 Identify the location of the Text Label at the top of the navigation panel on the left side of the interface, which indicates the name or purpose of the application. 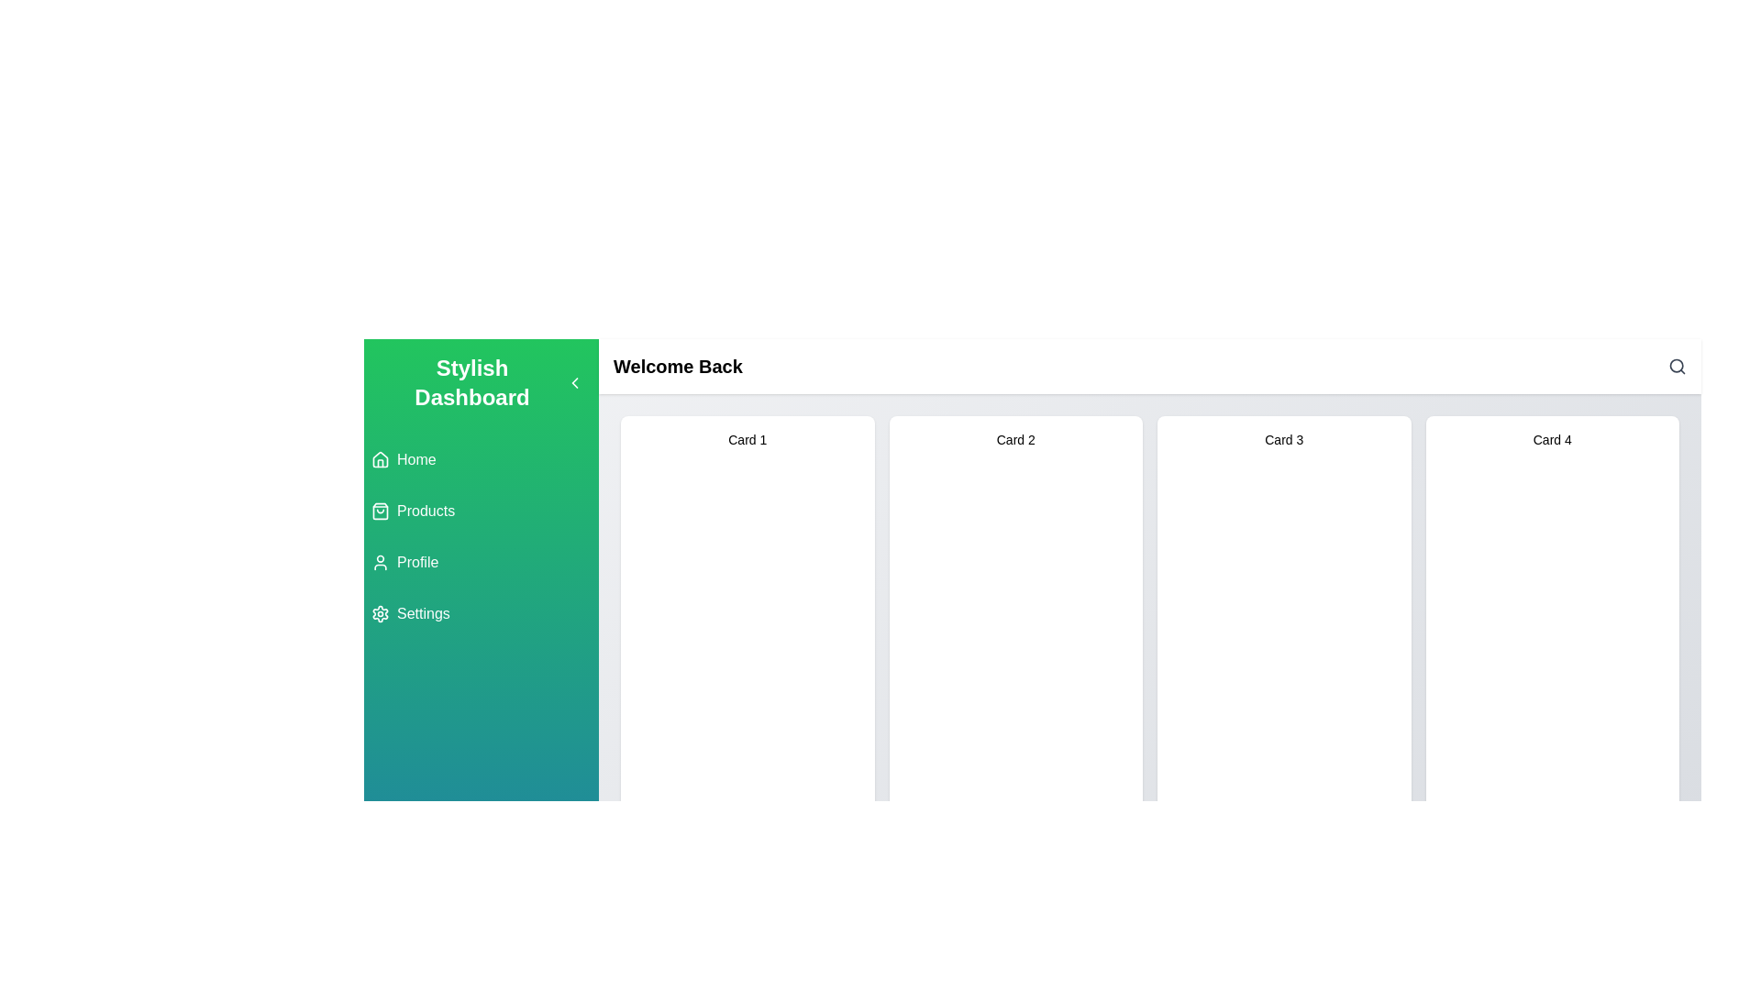
(481, 381).